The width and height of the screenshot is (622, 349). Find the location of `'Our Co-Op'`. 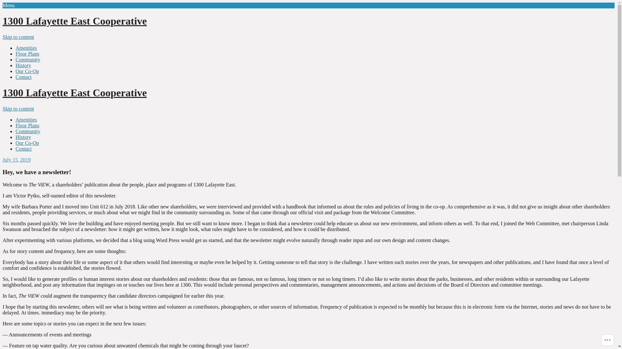

'Our Co-Op' is located at coordinates (27, 143).